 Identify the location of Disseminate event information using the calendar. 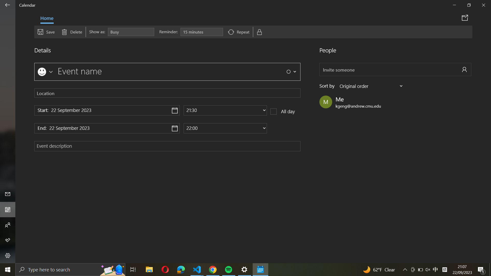
(466, 17).